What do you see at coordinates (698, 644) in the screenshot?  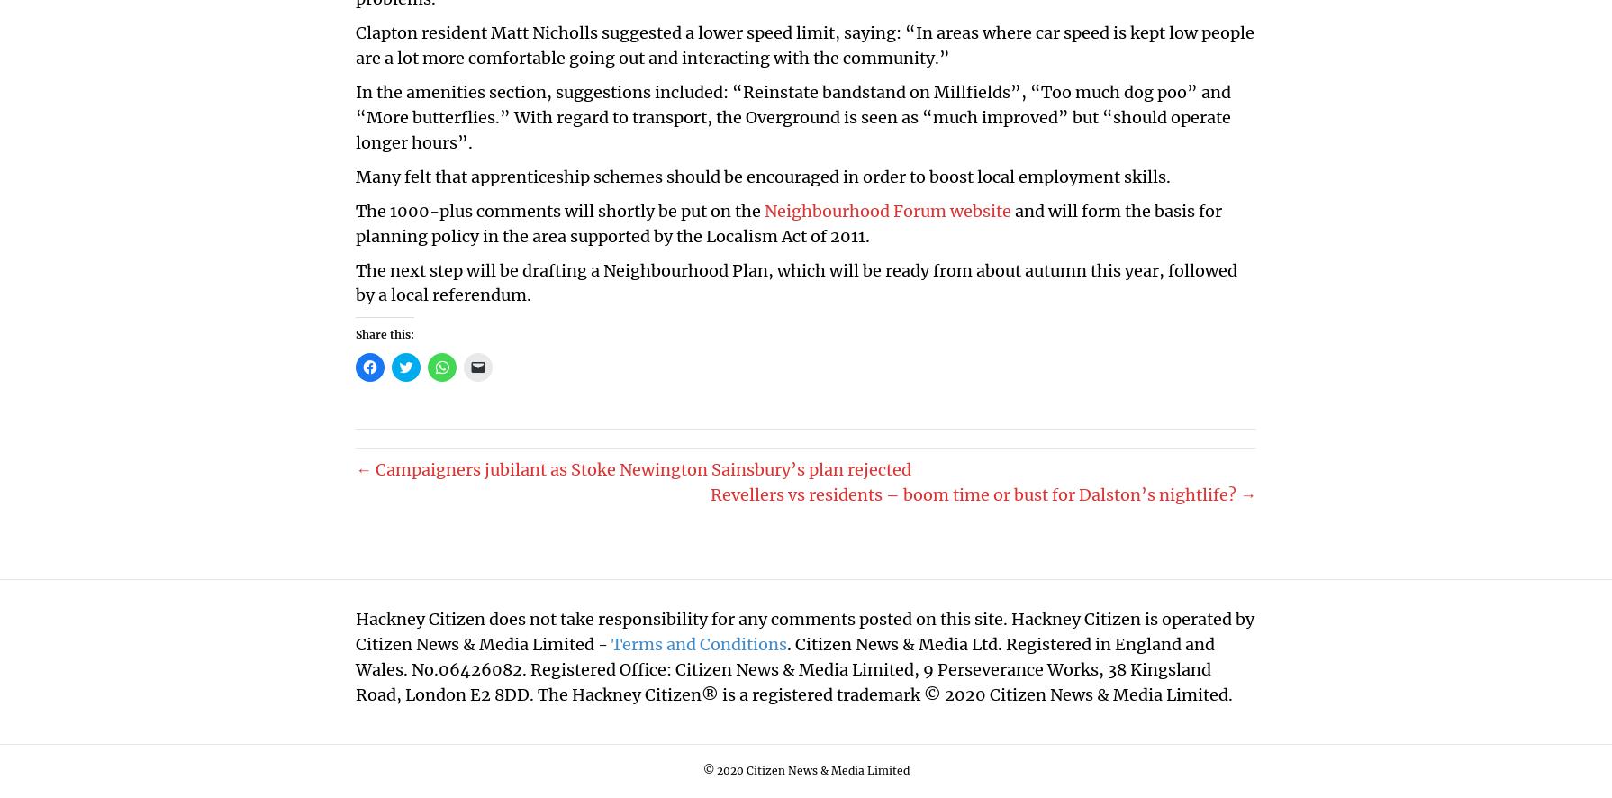 I see `'Terms and Conditions'` at bounding box center [698, 644].